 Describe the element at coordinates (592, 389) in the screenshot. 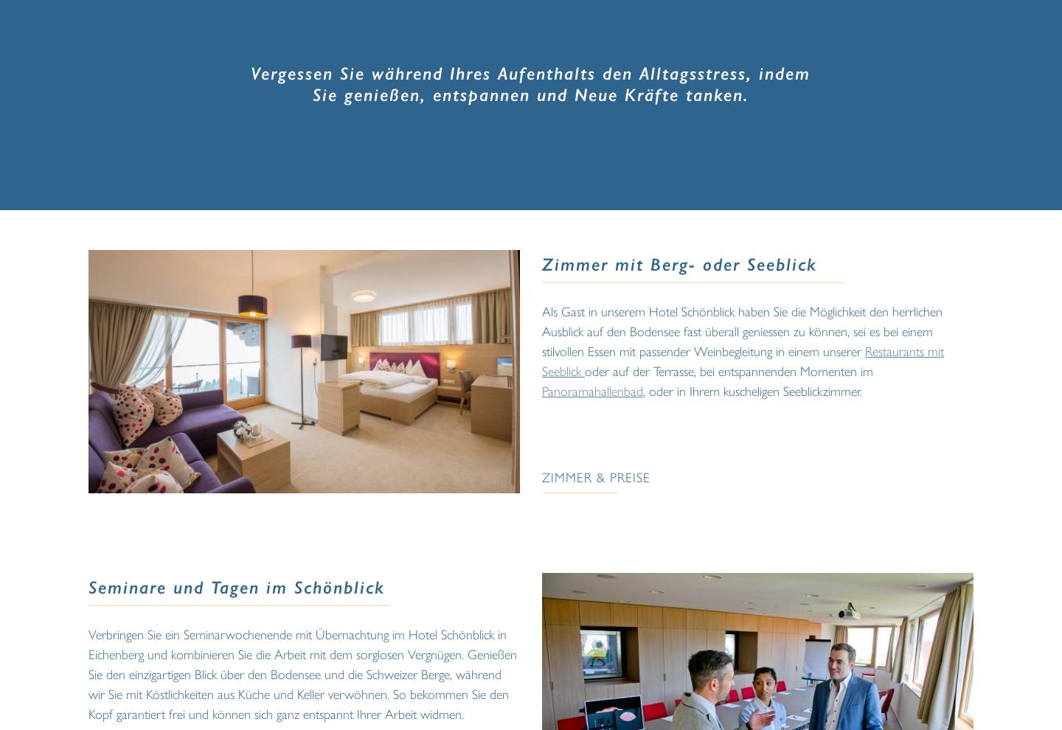

I see `'Panoramahallenbad'` at that location.